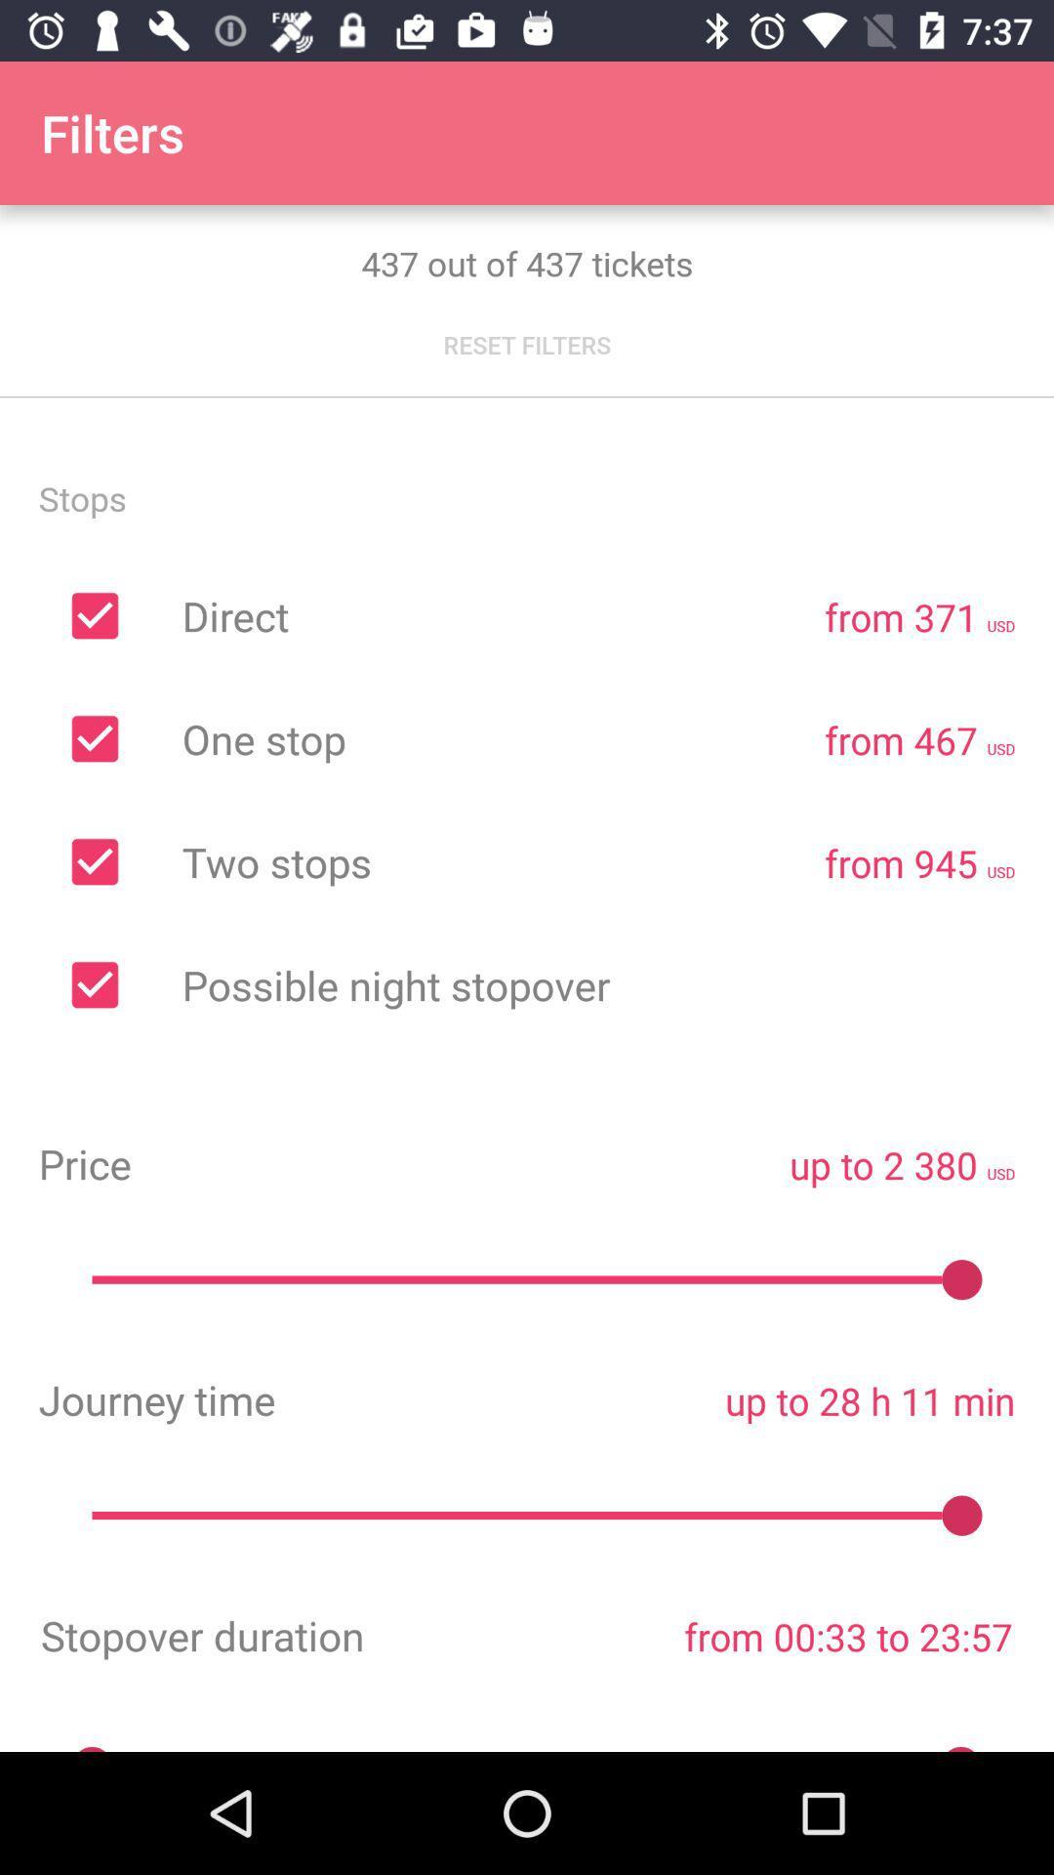  What do you see at coordinates (527, 345) in the screenshot?
I see `the item below 437 out of icon` at bounding box center [527, 345].